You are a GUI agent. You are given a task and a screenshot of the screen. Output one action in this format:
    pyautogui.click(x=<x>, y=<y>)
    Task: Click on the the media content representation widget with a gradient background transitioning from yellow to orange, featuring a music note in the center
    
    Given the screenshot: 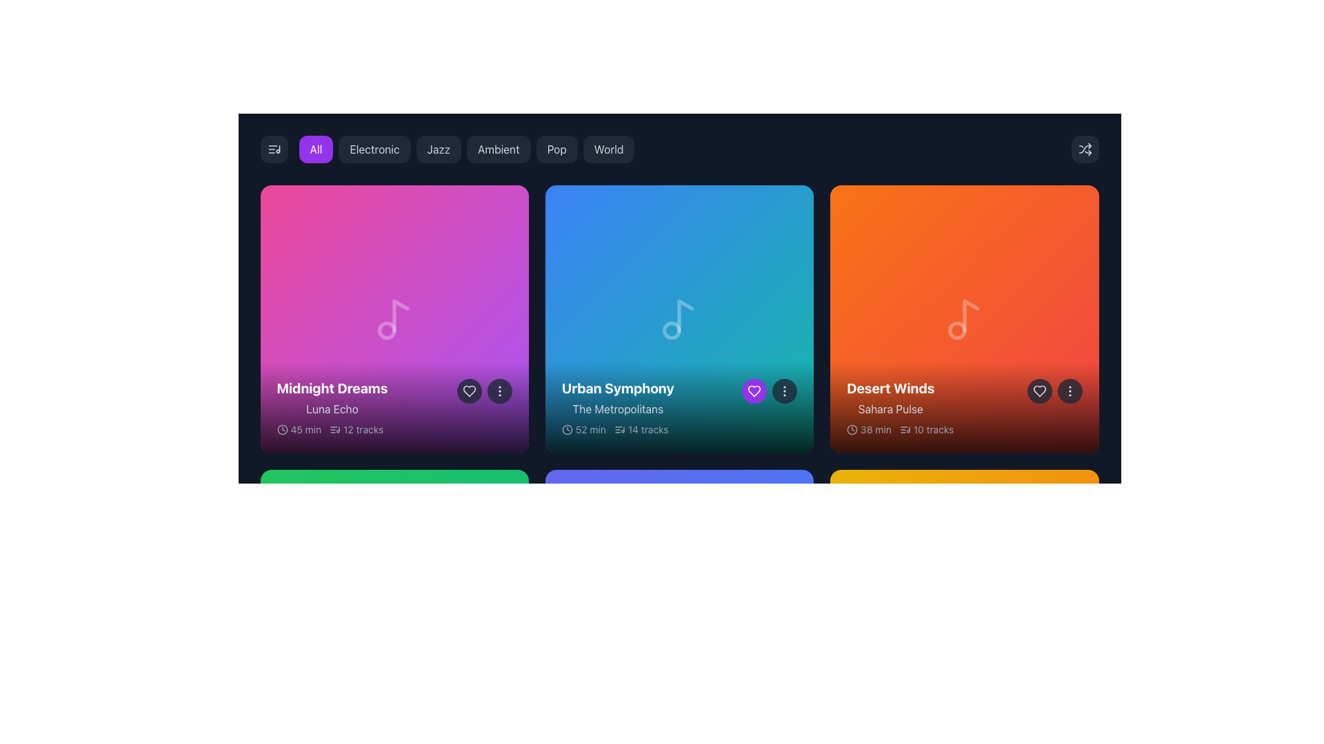 What is the action you would take?
    pyautogui.click(x=963, y=603)
    